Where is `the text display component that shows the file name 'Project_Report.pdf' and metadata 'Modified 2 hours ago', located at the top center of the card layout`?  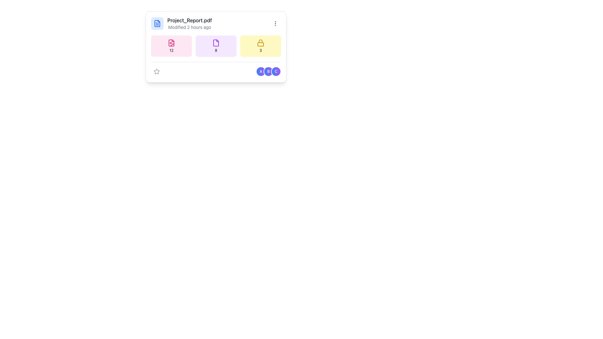
the text display component that shows the file name 'Project_Report.pdf' and metadata 'Modified 2 hours ago', located at the top center of the card layout is located at coordinates (189, 23).